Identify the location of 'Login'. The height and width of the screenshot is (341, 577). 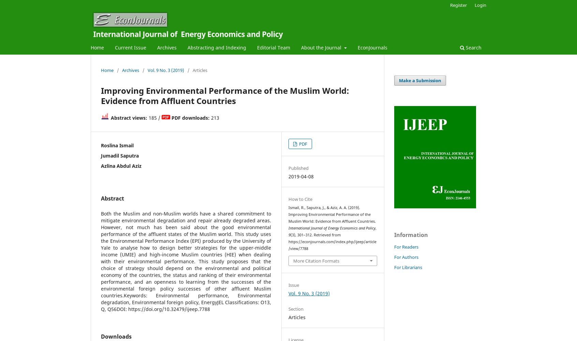
(480, 5).